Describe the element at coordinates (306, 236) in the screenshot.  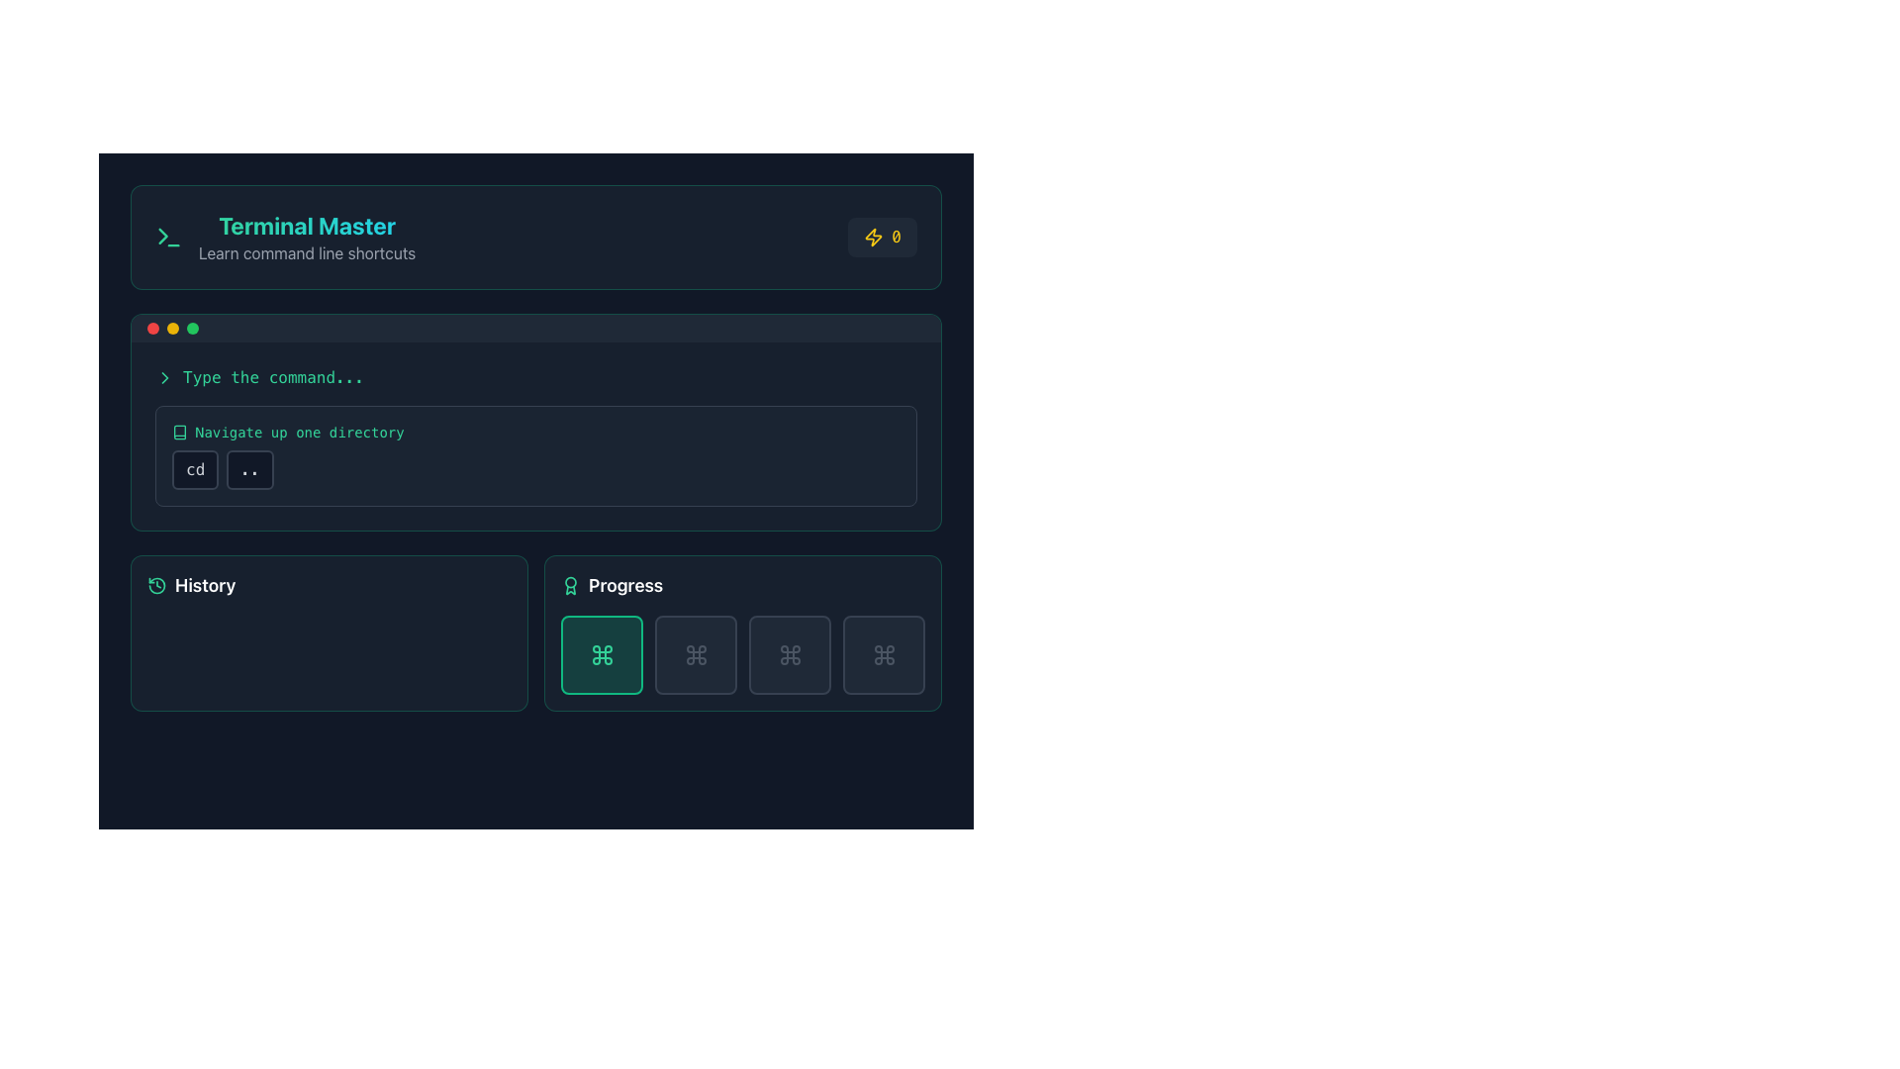
I see `the text element displaying 'Terminal Master' and 'Learn command line shortcuts', which is located near the top-left section of the interface, adjacent to a green terminal icon` at that location.